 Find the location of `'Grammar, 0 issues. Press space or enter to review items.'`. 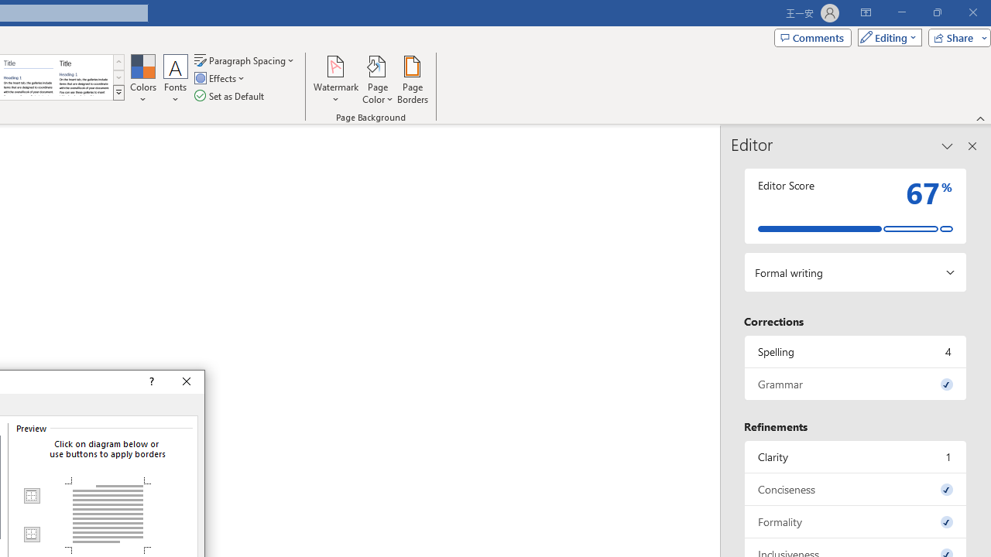

'Grammar, 0 issues. Press space or enter to review items.' is located at coordinates (855, 383).